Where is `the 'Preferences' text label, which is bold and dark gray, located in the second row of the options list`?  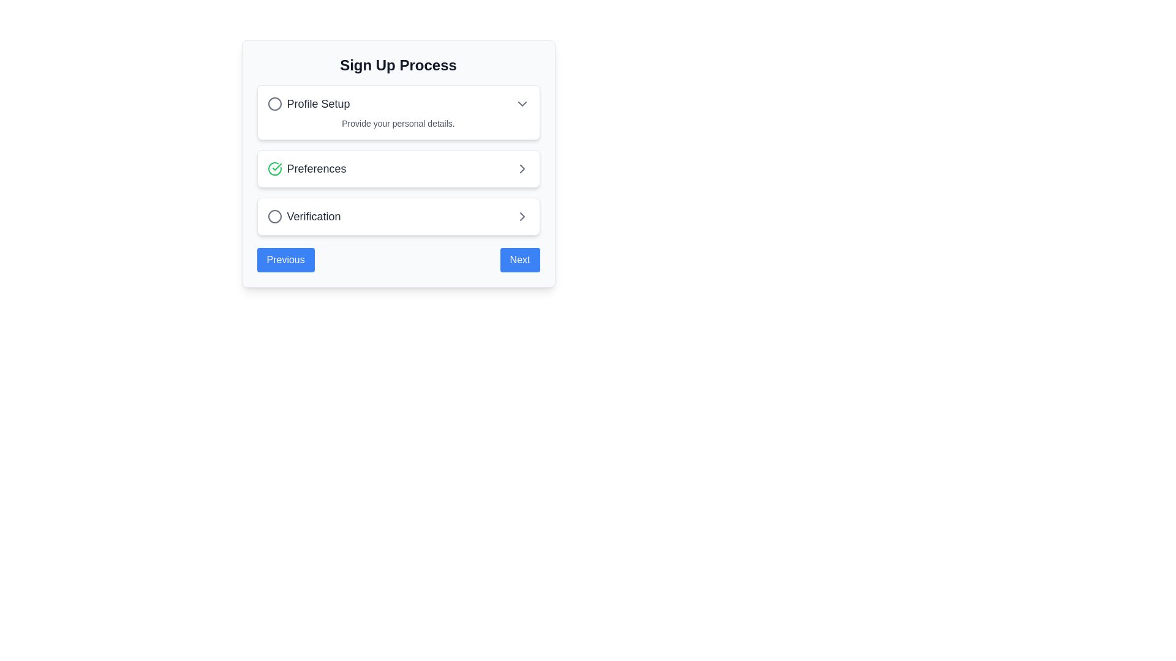 the 'Preferences' text label, which is bold and dark gray, located in the second row of the options list is located at coordinates (307, 169).